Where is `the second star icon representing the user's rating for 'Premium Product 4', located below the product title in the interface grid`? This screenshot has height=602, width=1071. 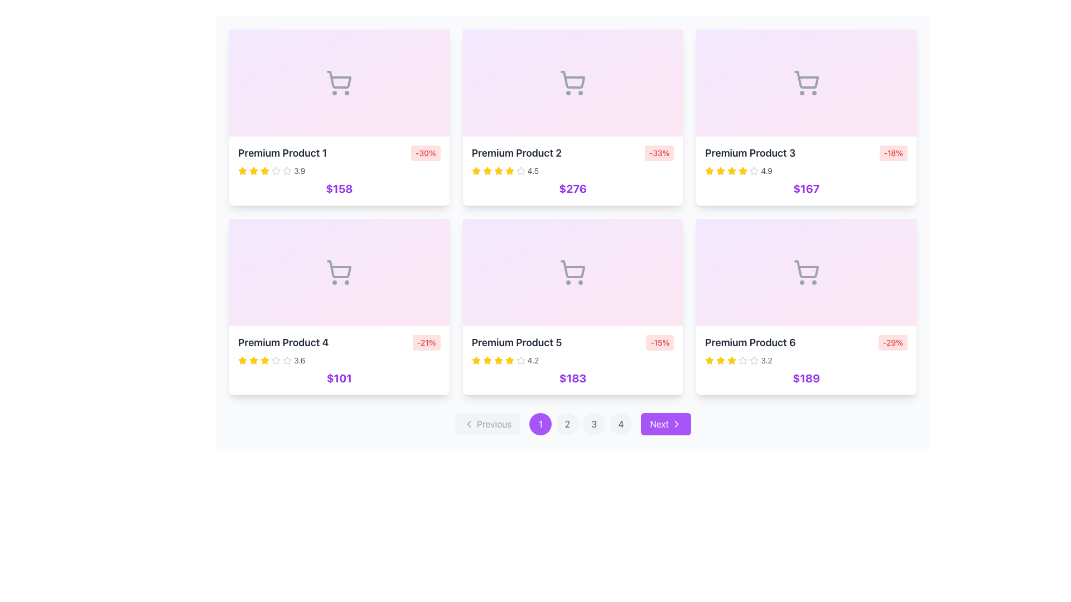
the second star icon representing the user's rating for 'Premium Product 4', located below the product title in the interface grid is located at coordinates (242, 360).